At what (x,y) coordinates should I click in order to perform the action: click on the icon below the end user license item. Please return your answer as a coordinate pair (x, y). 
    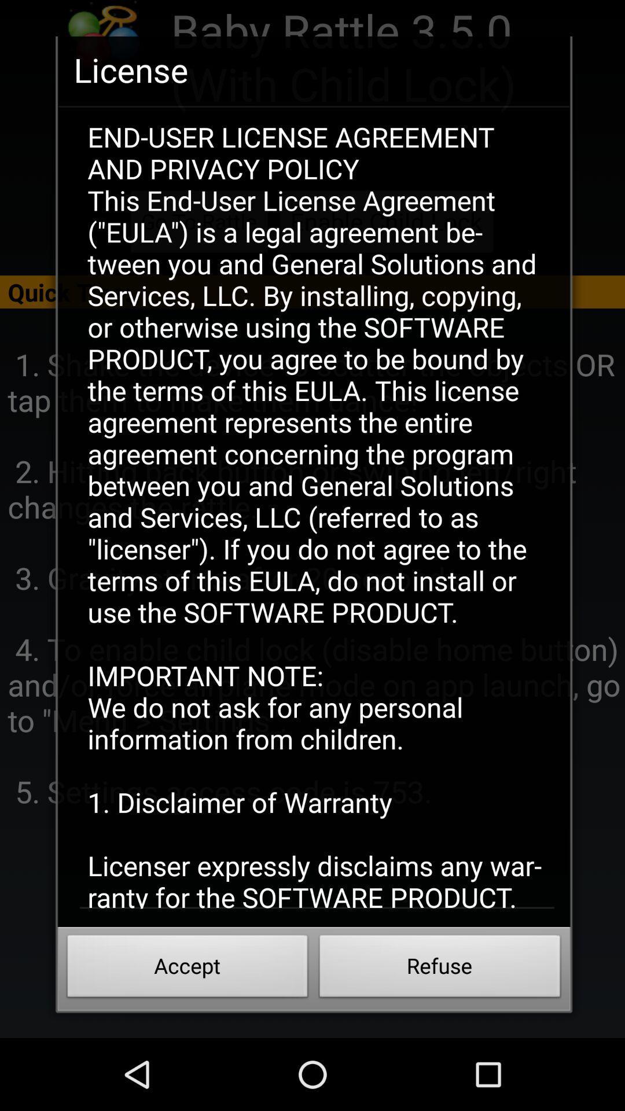
    Looking at the image, I should click on (440, 969).